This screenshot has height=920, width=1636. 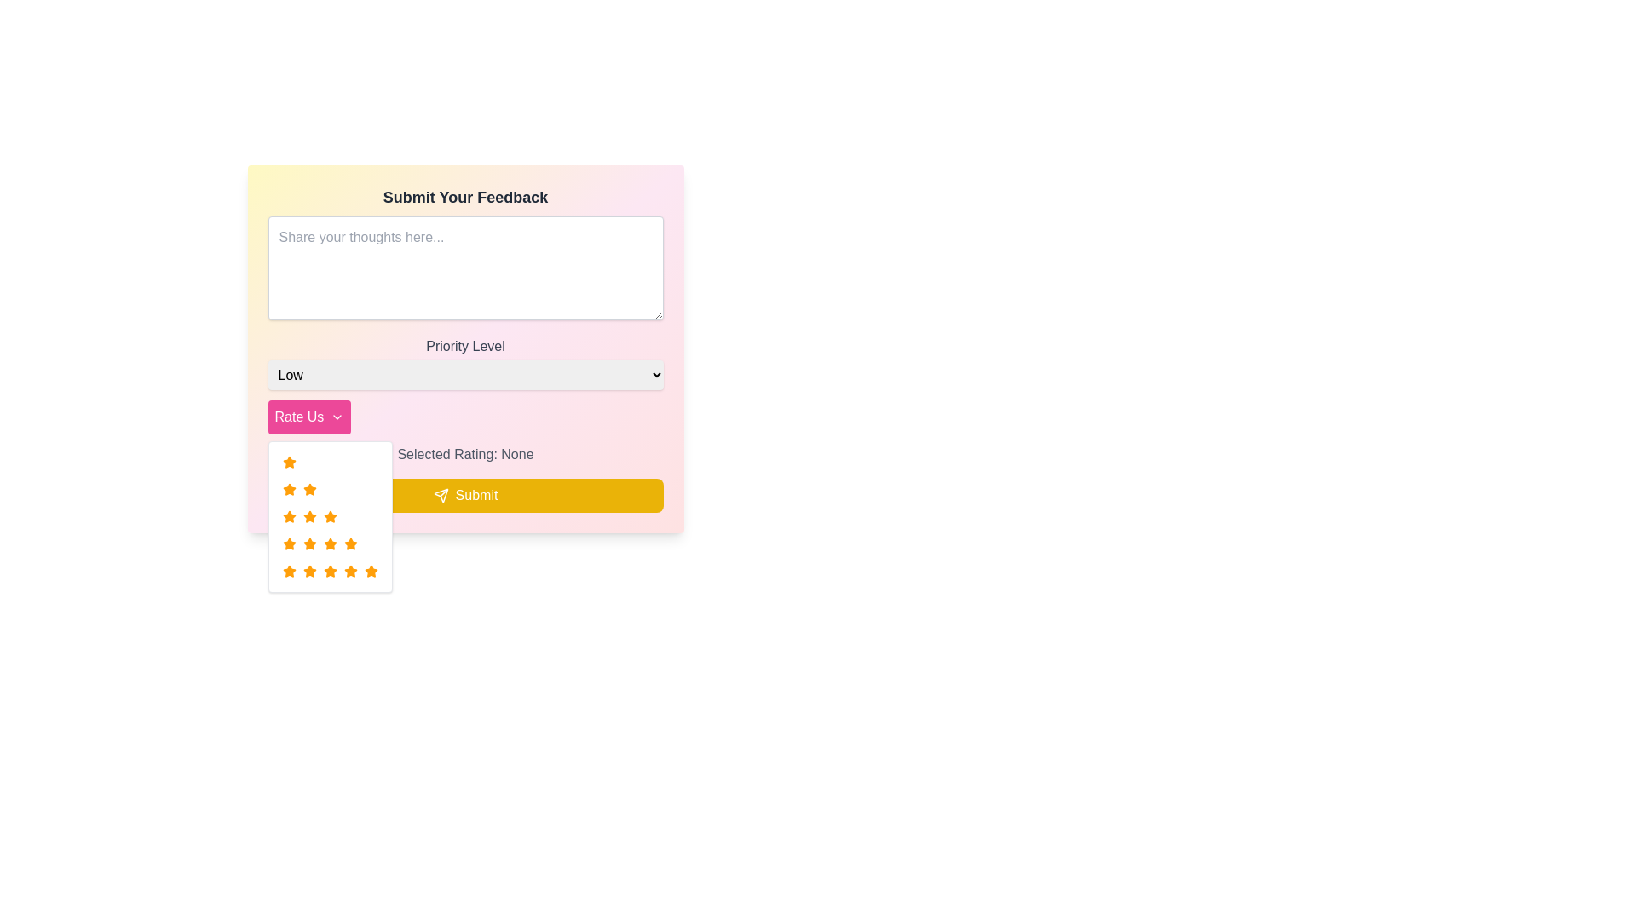 I want to click on the orange-colored filled star icon, which is the fifth star in the dropdown rating list below the 'Rate Us' button, so click(x=349, y=571).